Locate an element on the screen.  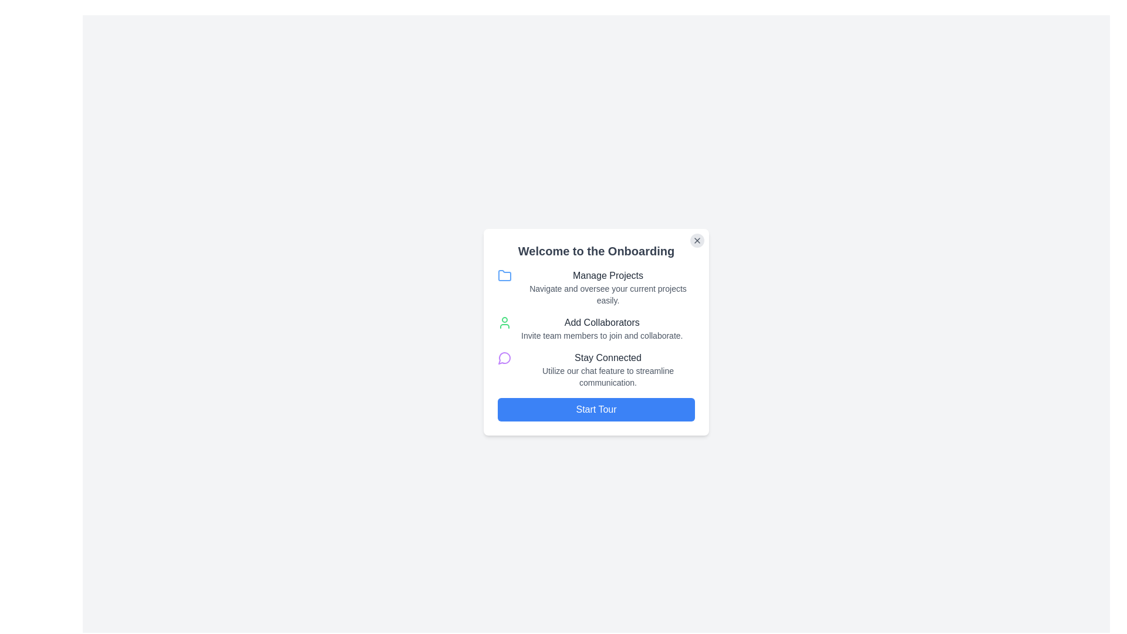
the text element that reads 'Navigate and oversee your current projects easily.', which is styled in a smaller gray font and located below the 'Manage Projects' title within the onboarding card is located at coordinates (608, 294).